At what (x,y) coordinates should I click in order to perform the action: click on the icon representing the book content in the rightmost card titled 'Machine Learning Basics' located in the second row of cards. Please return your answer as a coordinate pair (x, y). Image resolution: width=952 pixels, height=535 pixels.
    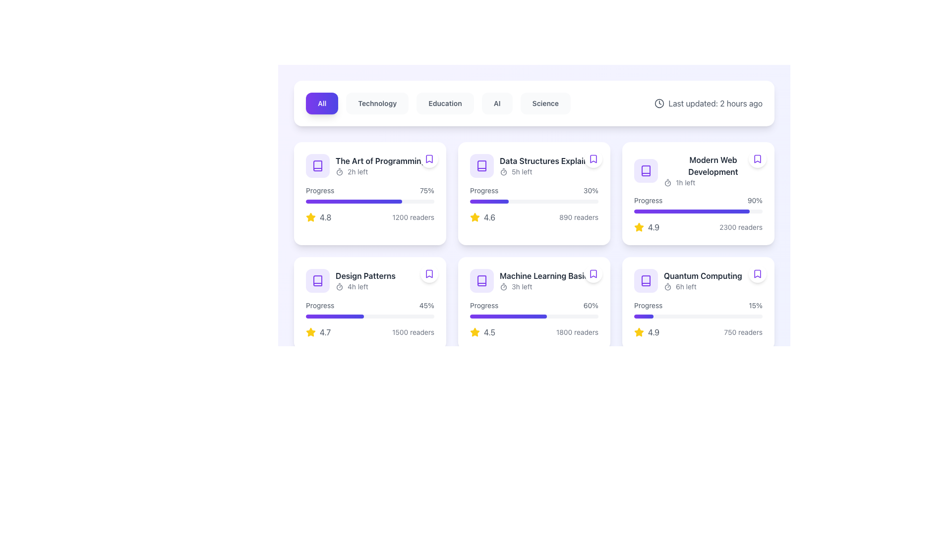
    Looking at the image, I should click on (481, 281).